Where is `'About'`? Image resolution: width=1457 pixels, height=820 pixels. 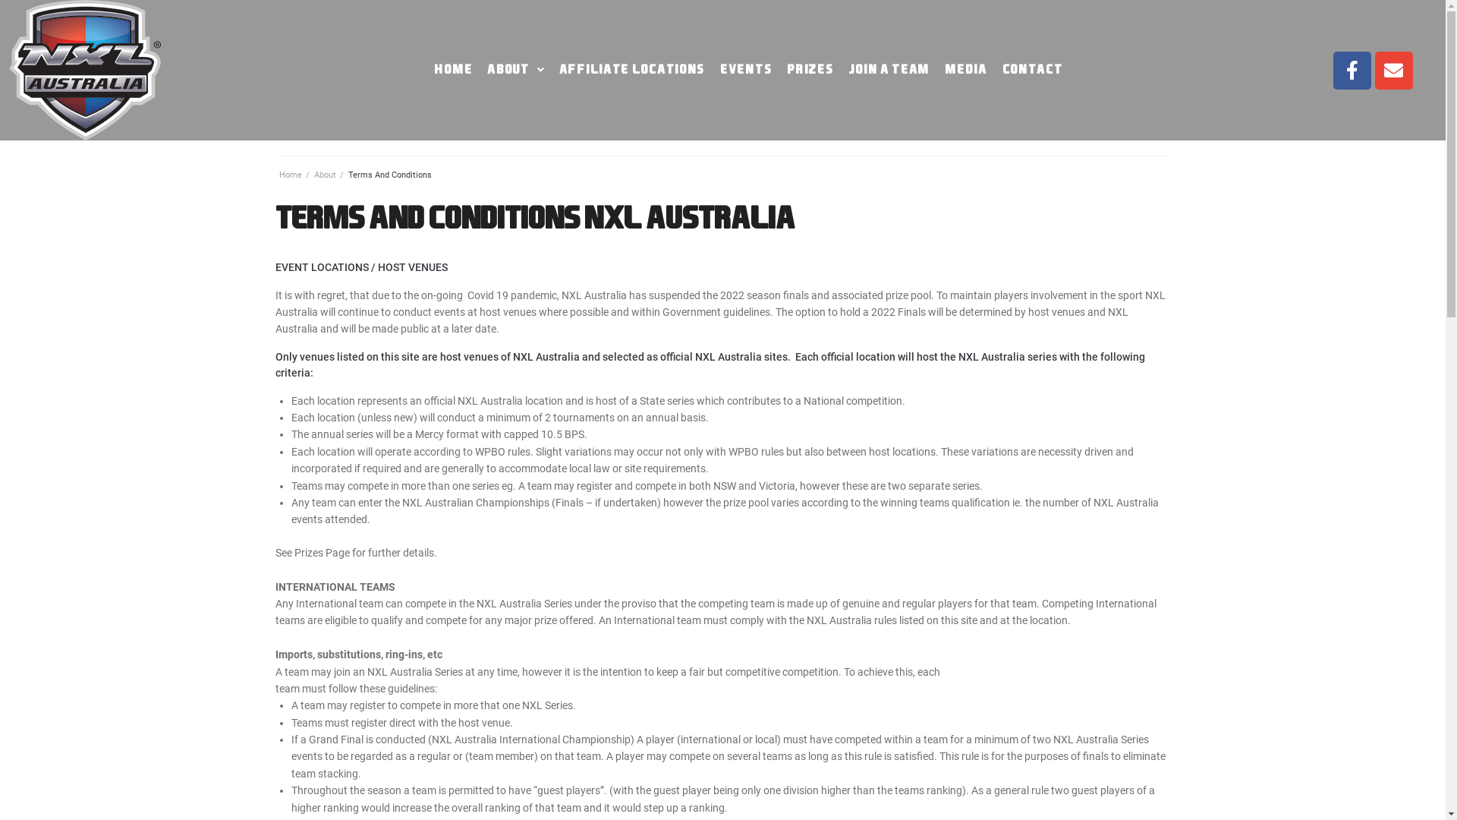
'About' is located at coordinates (313, 174).